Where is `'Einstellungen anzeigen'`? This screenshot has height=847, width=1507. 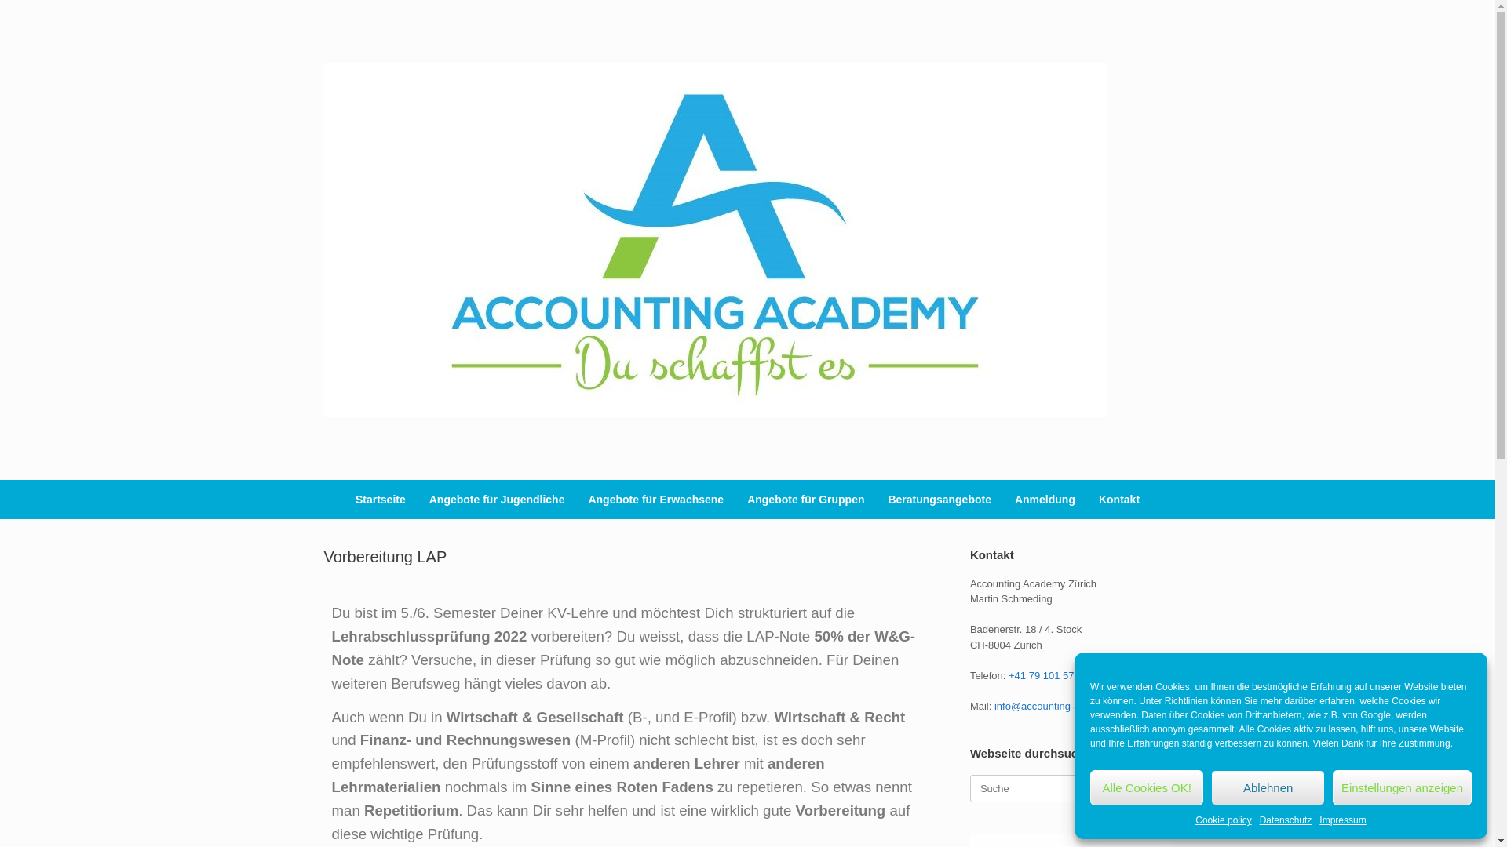
'Einstellungen anzeigen' is located at coordinates (1402, 787).